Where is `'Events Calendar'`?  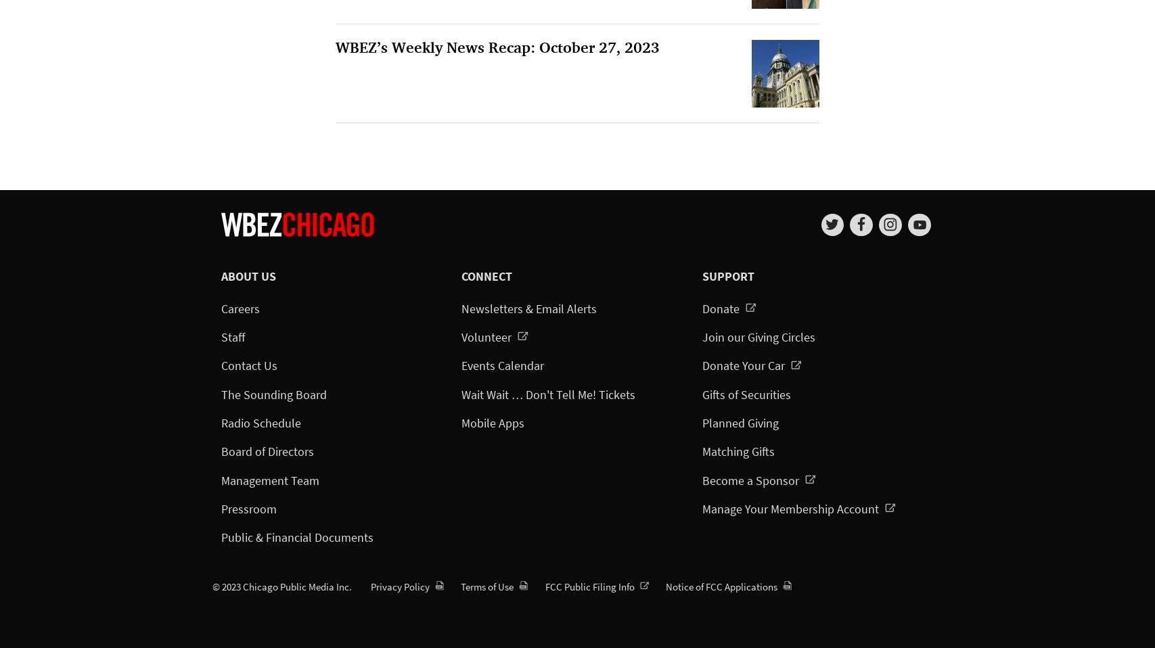 'Events Calendar' is located at coordinates (503, 365).